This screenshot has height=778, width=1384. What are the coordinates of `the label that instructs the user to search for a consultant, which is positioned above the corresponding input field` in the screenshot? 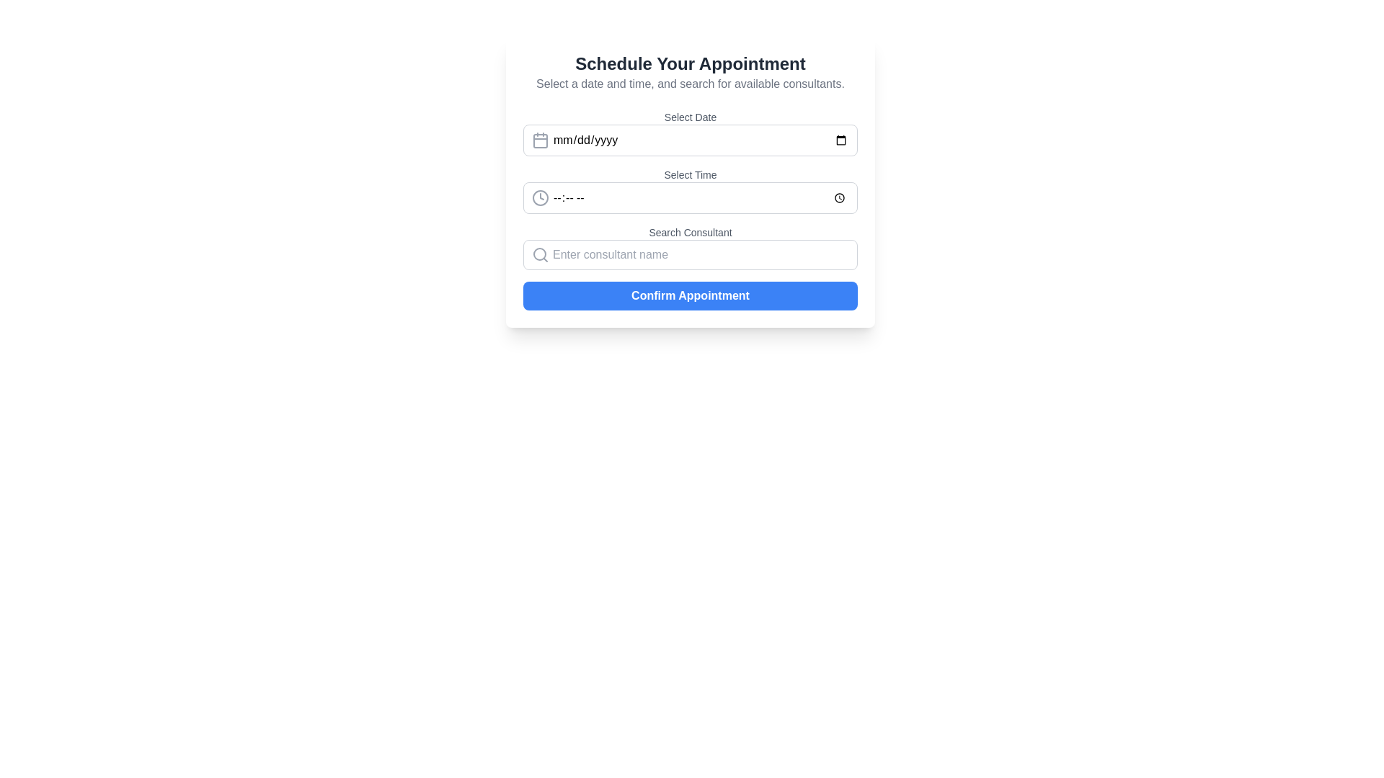 It's located at (690, 232).